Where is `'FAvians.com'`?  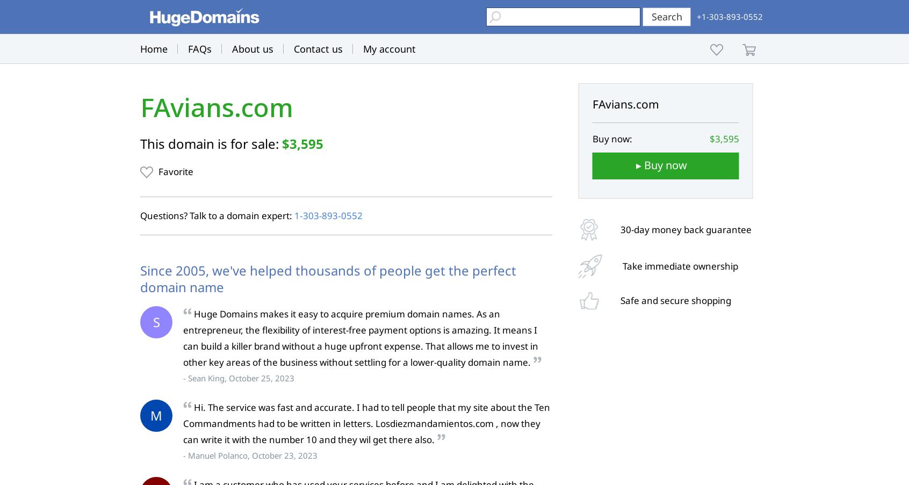 'FAvians.com' is located at coordinates (217, 107).